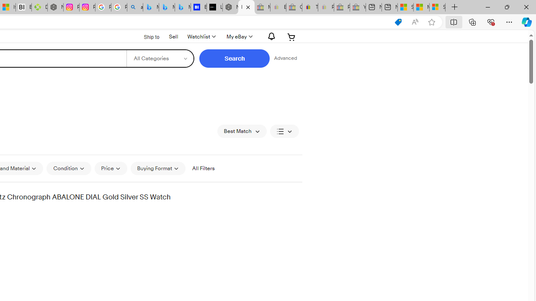  What do you see at coordinates (270, 36) in the screenshot?
I see `'AutomationID: gh-eb-Alerts'` at bounding box center [270, 36].